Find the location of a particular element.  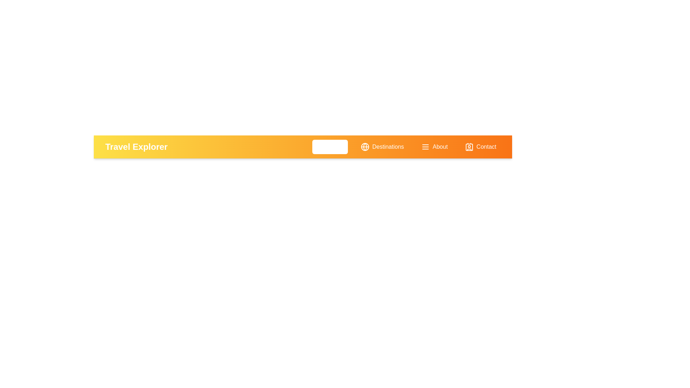

the globe icon within a circular outline that is located is located at coordinates (365, 146).